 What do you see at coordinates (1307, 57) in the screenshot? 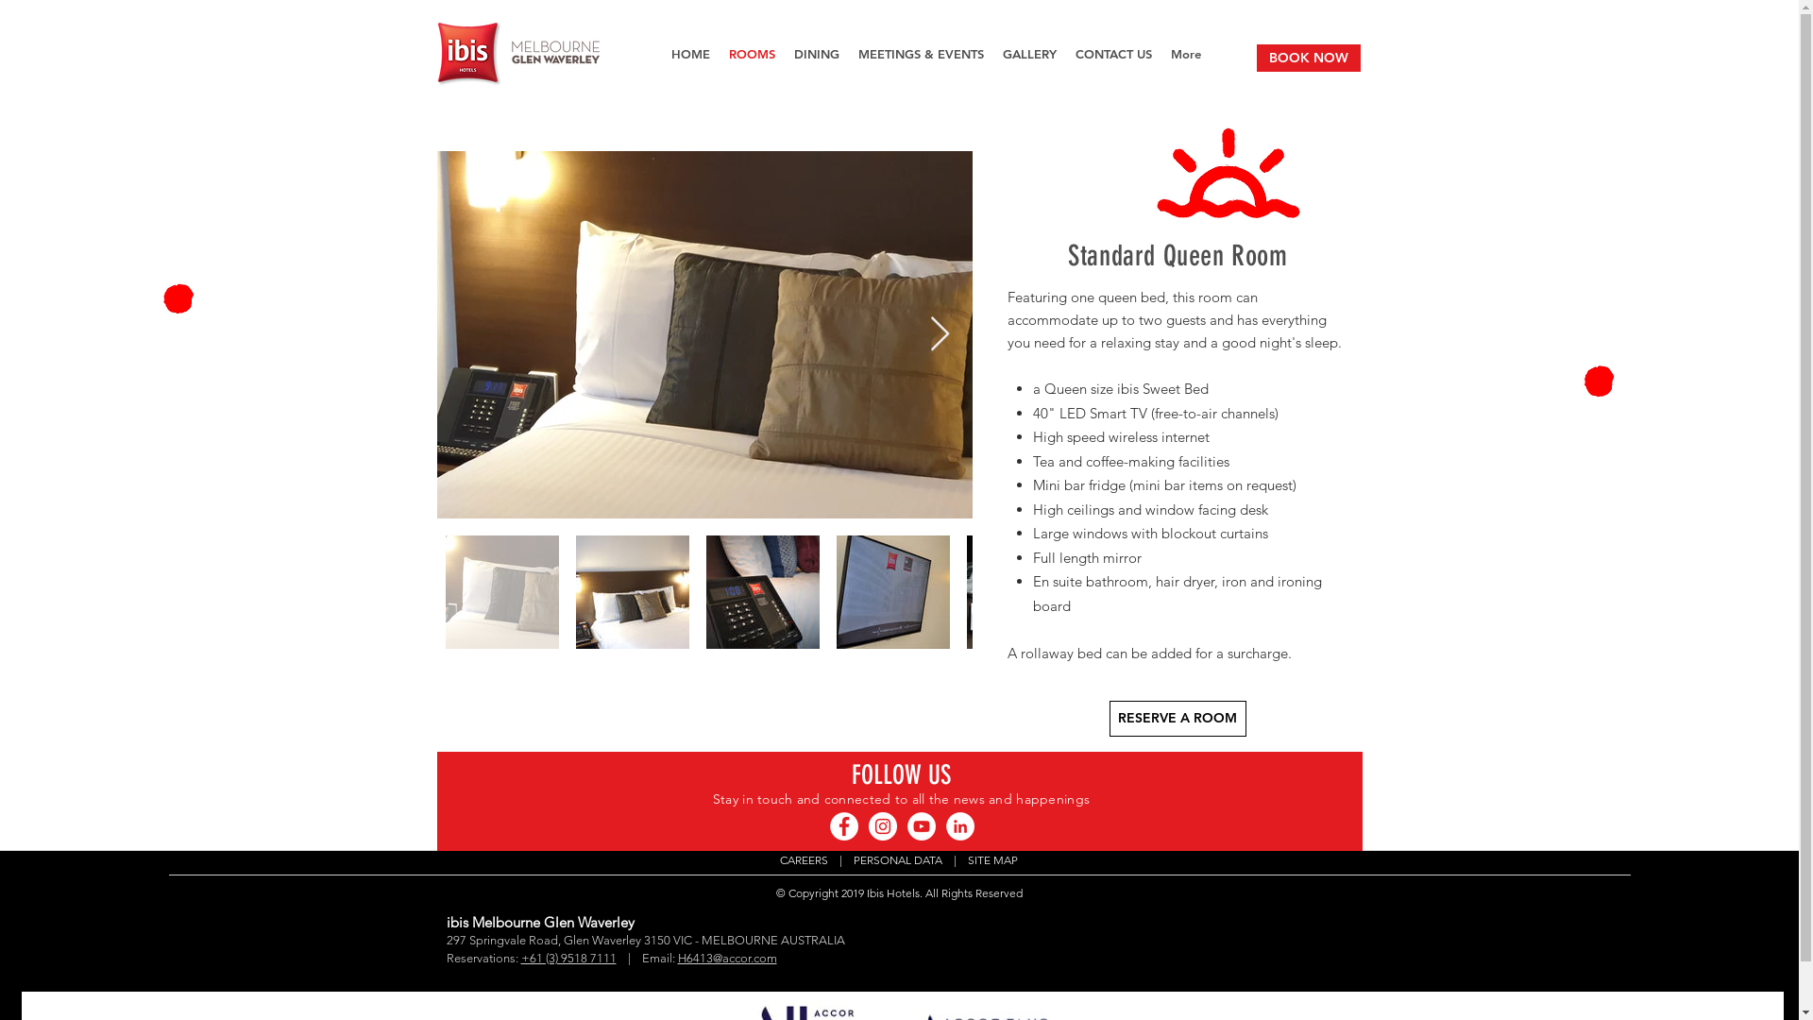
I see `'BOOK NOW'` at bounding box center [1307, 57].